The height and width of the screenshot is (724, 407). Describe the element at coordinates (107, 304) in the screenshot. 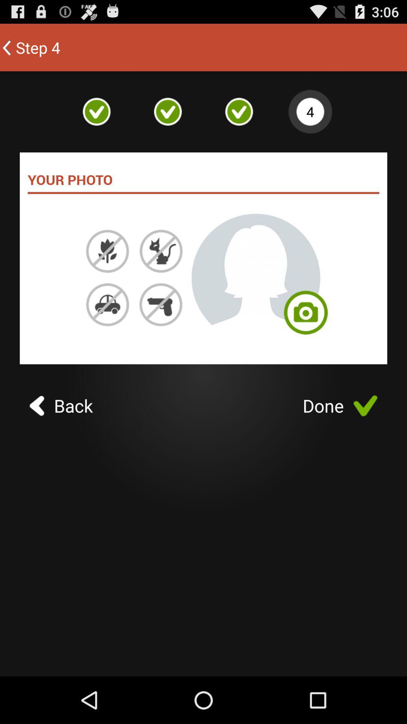

I see `the option no car which is on the left side of the page` at that location.